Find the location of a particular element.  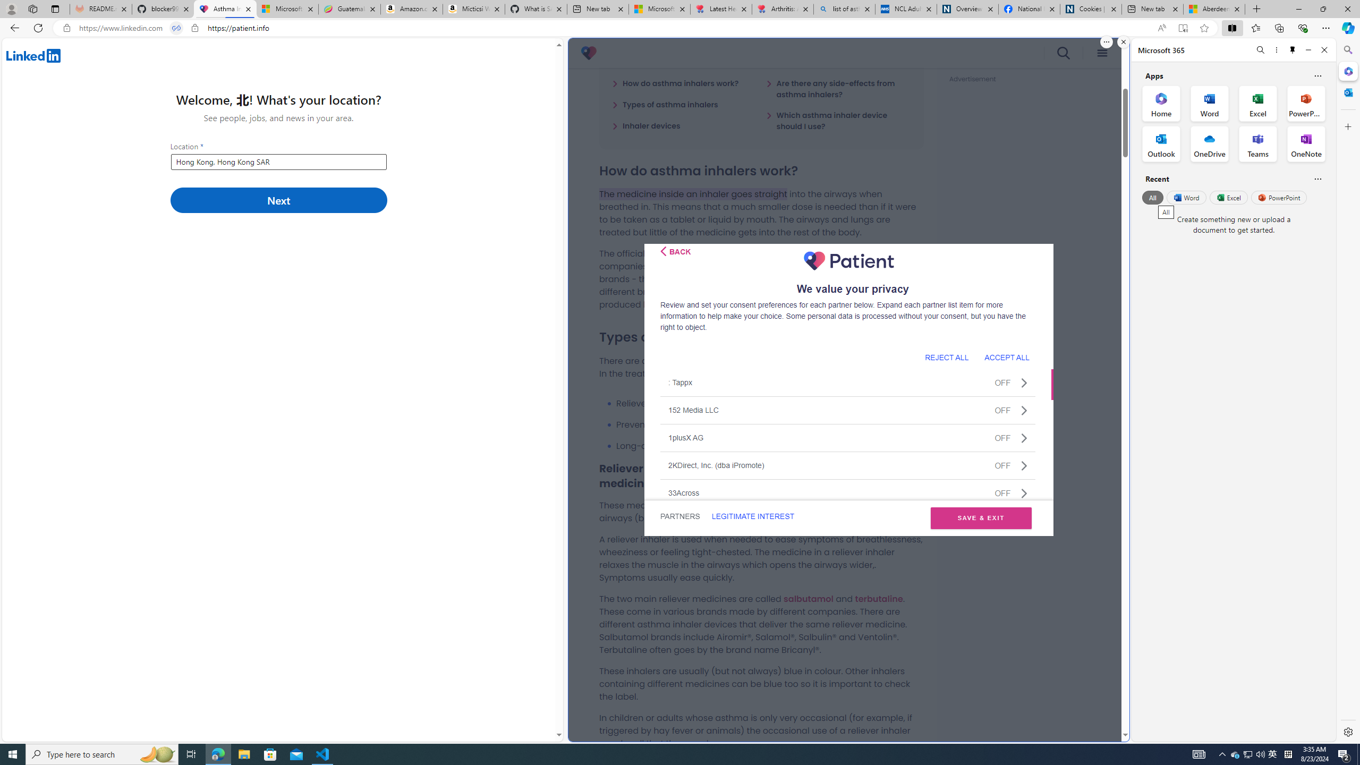

'SAVE & EXIT' is located at coordinates (981, 517).